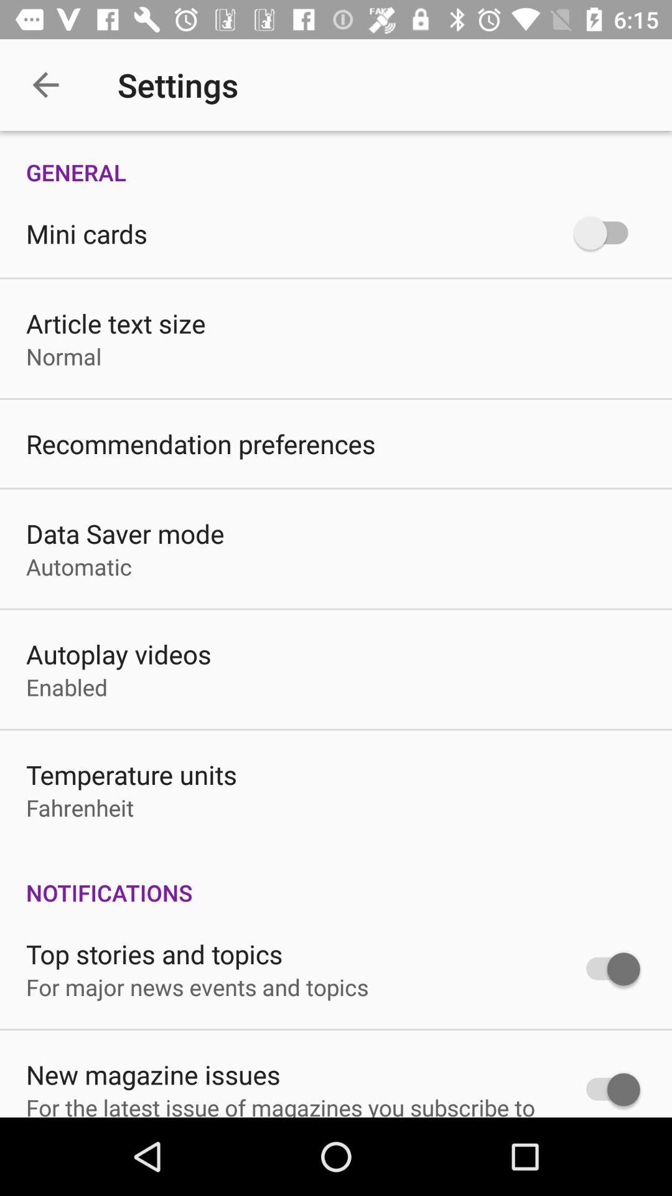  I want to click on the icon above the for the latest, so click(152, 1073).